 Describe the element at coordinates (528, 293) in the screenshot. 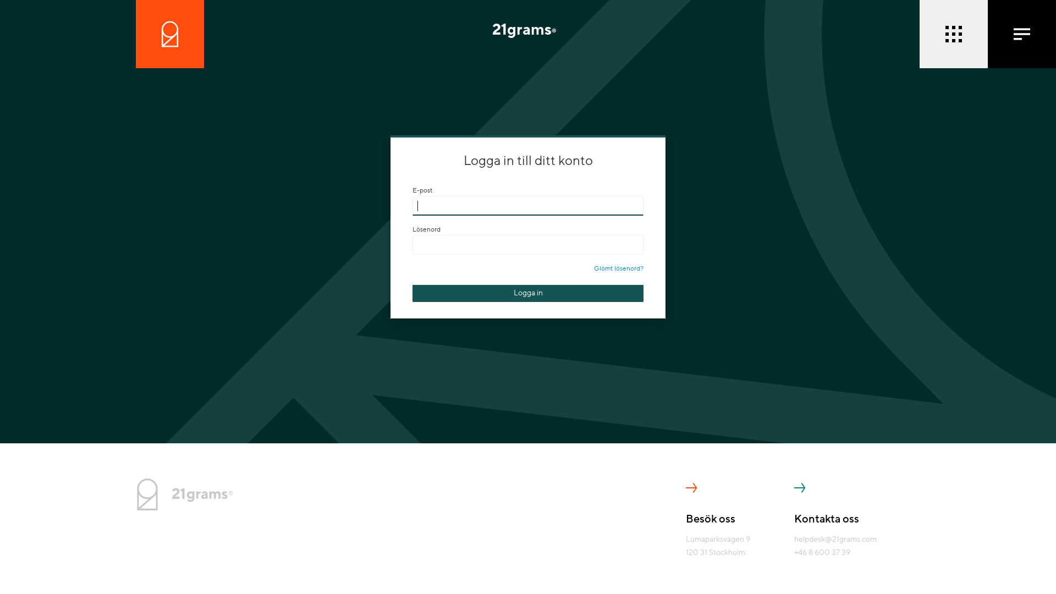

I see `'Logga in'` at that location.